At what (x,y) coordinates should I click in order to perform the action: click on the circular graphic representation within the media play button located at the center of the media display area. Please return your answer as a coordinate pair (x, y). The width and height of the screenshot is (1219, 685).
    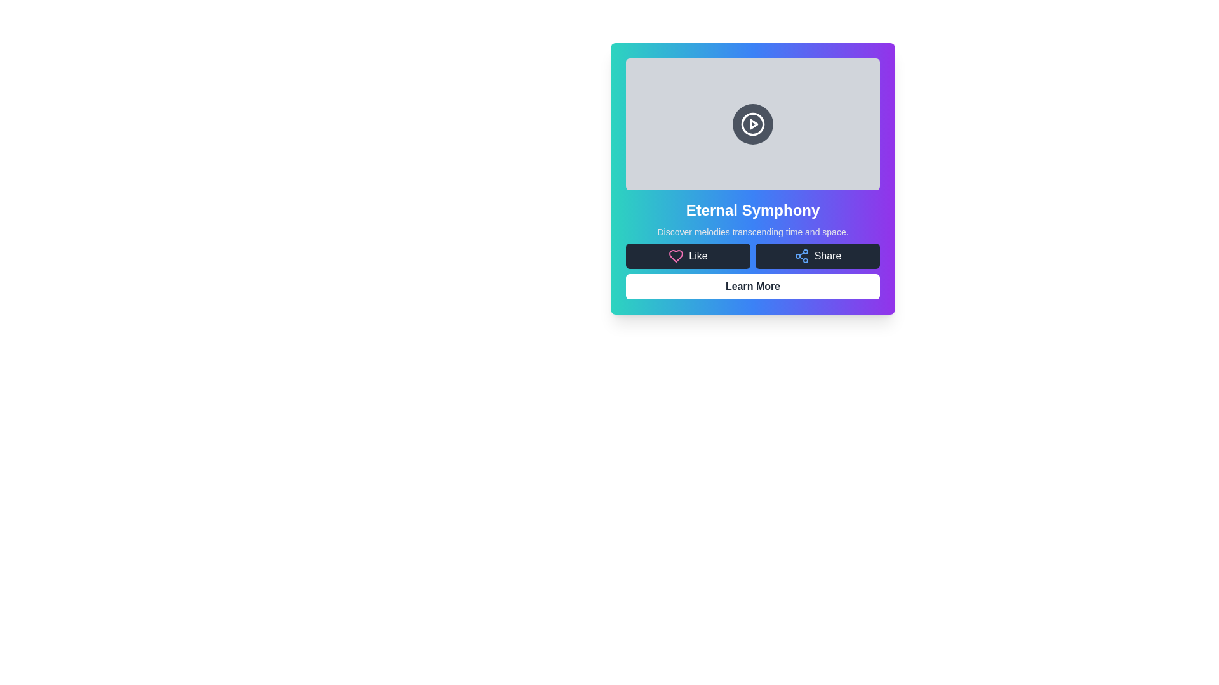
    Looking at the image, I should click on (752, 124).